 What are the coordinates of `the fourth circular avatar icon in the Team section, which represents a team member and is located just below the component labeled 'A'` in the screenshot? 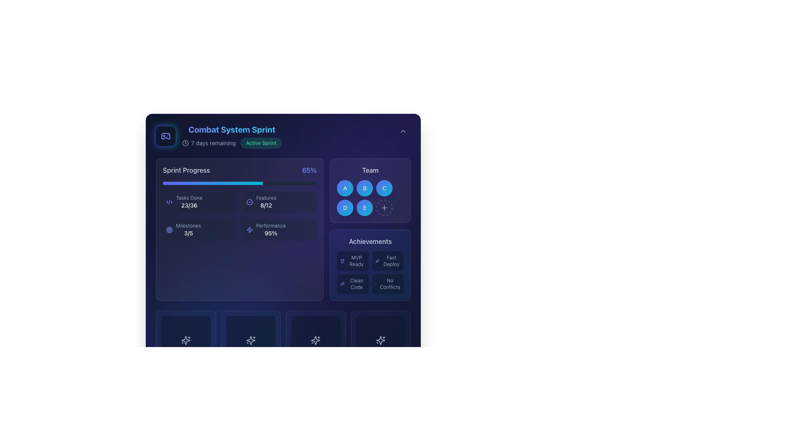 It's located at (345, 207).